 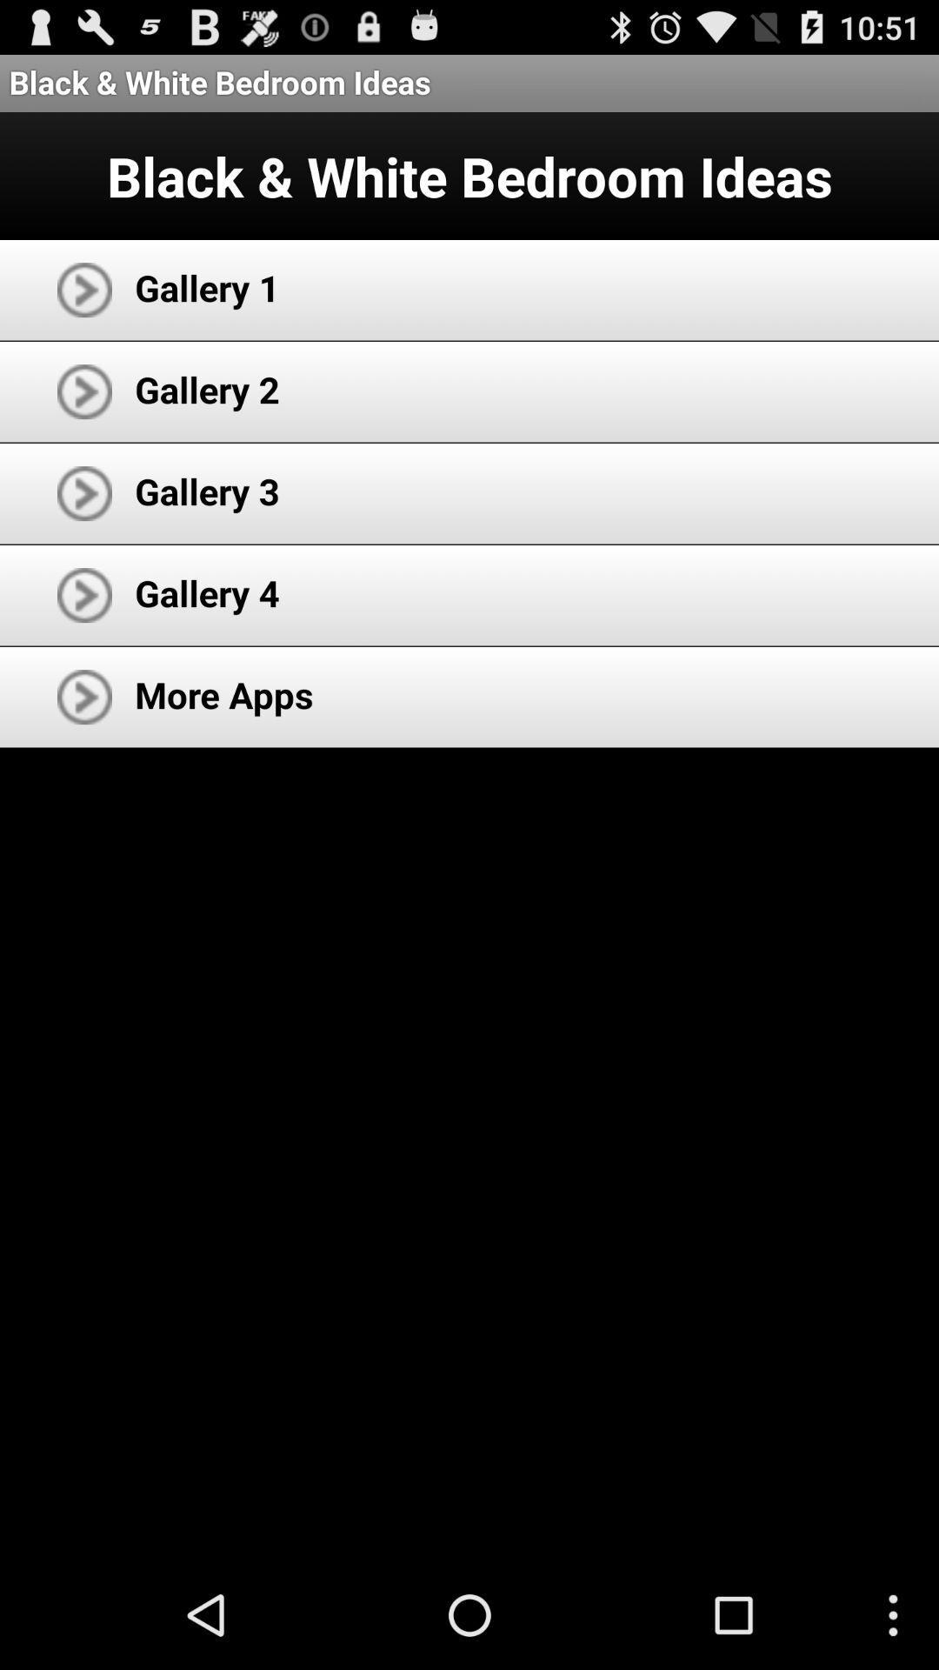 What do you see at coordinates (206, 388) in the screenshot?
I see `gallery 2 item` at bounding box center [206, 388].